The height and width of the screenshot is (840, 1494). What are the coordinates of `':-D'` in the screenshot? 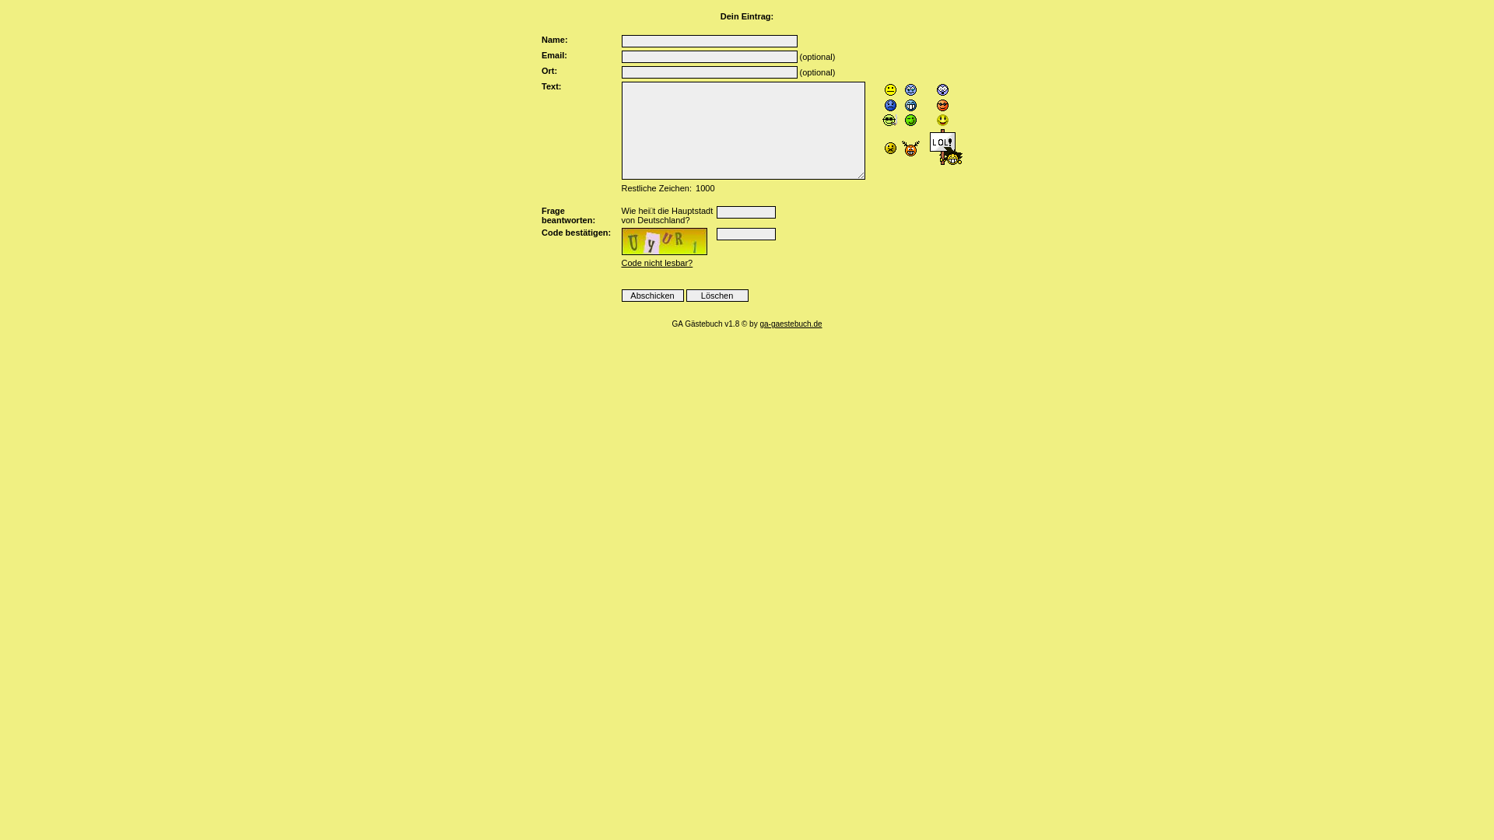 It's located at (903, 105).